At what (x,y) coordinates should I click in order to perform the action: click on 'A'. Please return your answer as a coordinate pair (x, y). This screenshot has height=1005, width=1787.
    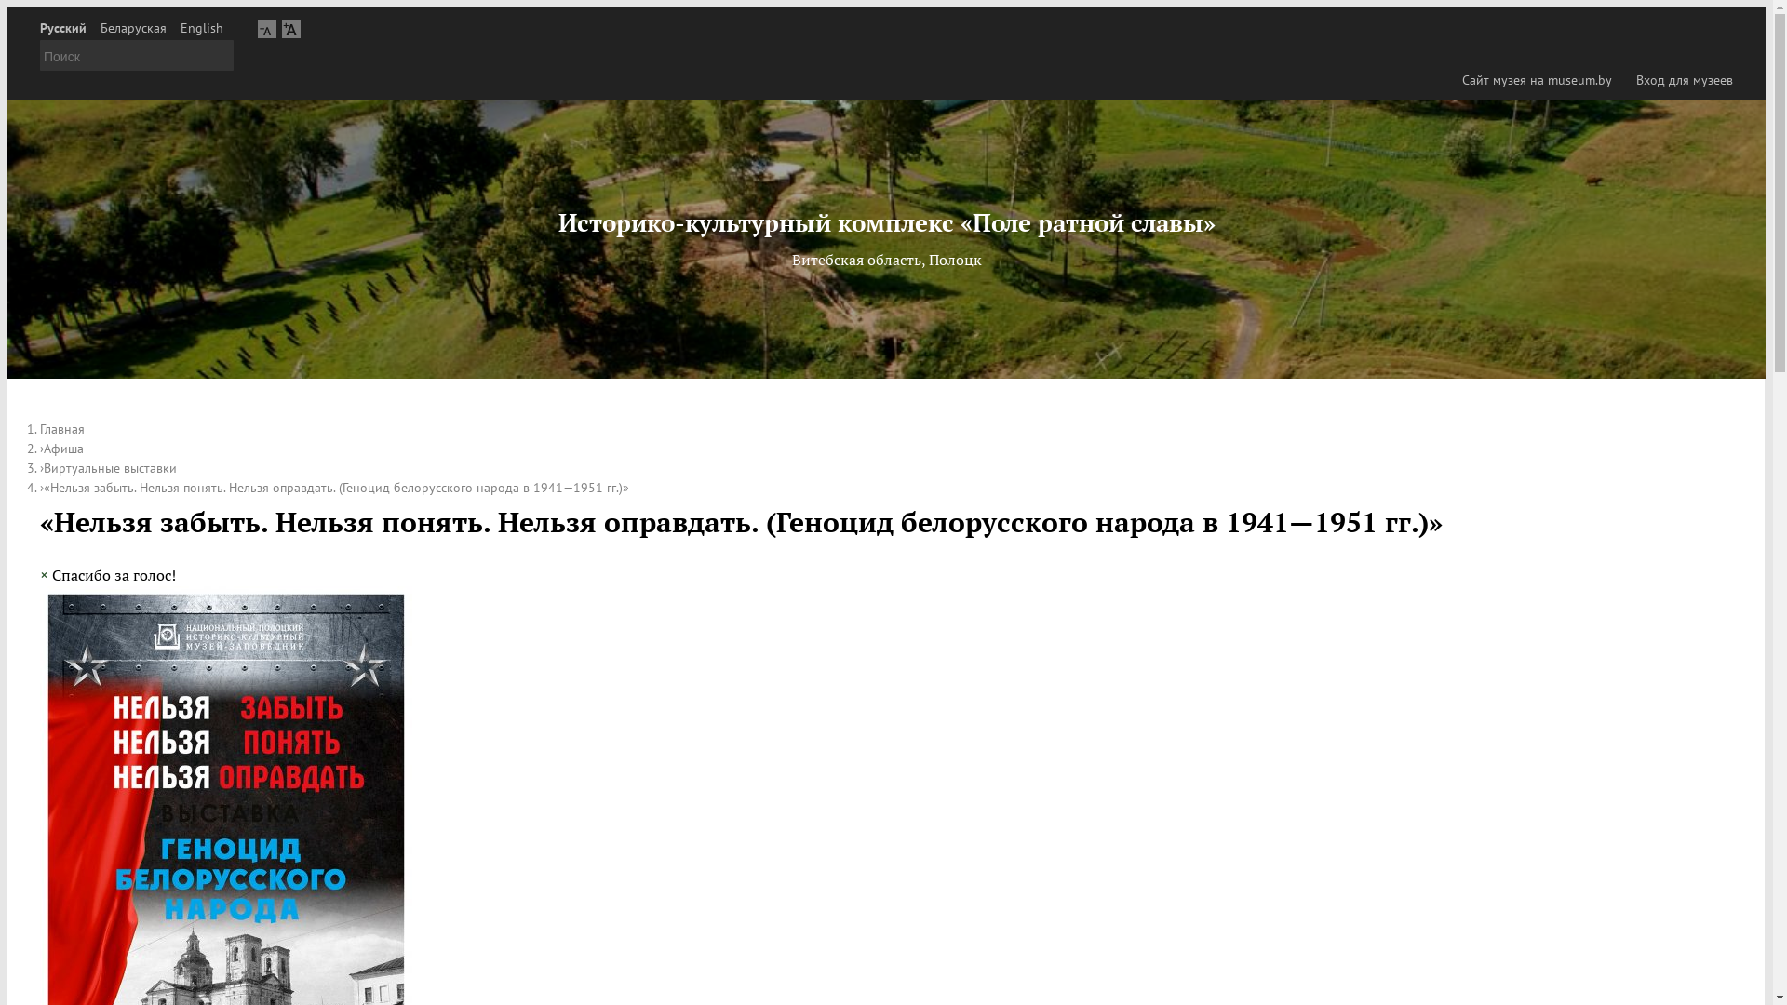
    Looking at the image, I should click on (266, 28).